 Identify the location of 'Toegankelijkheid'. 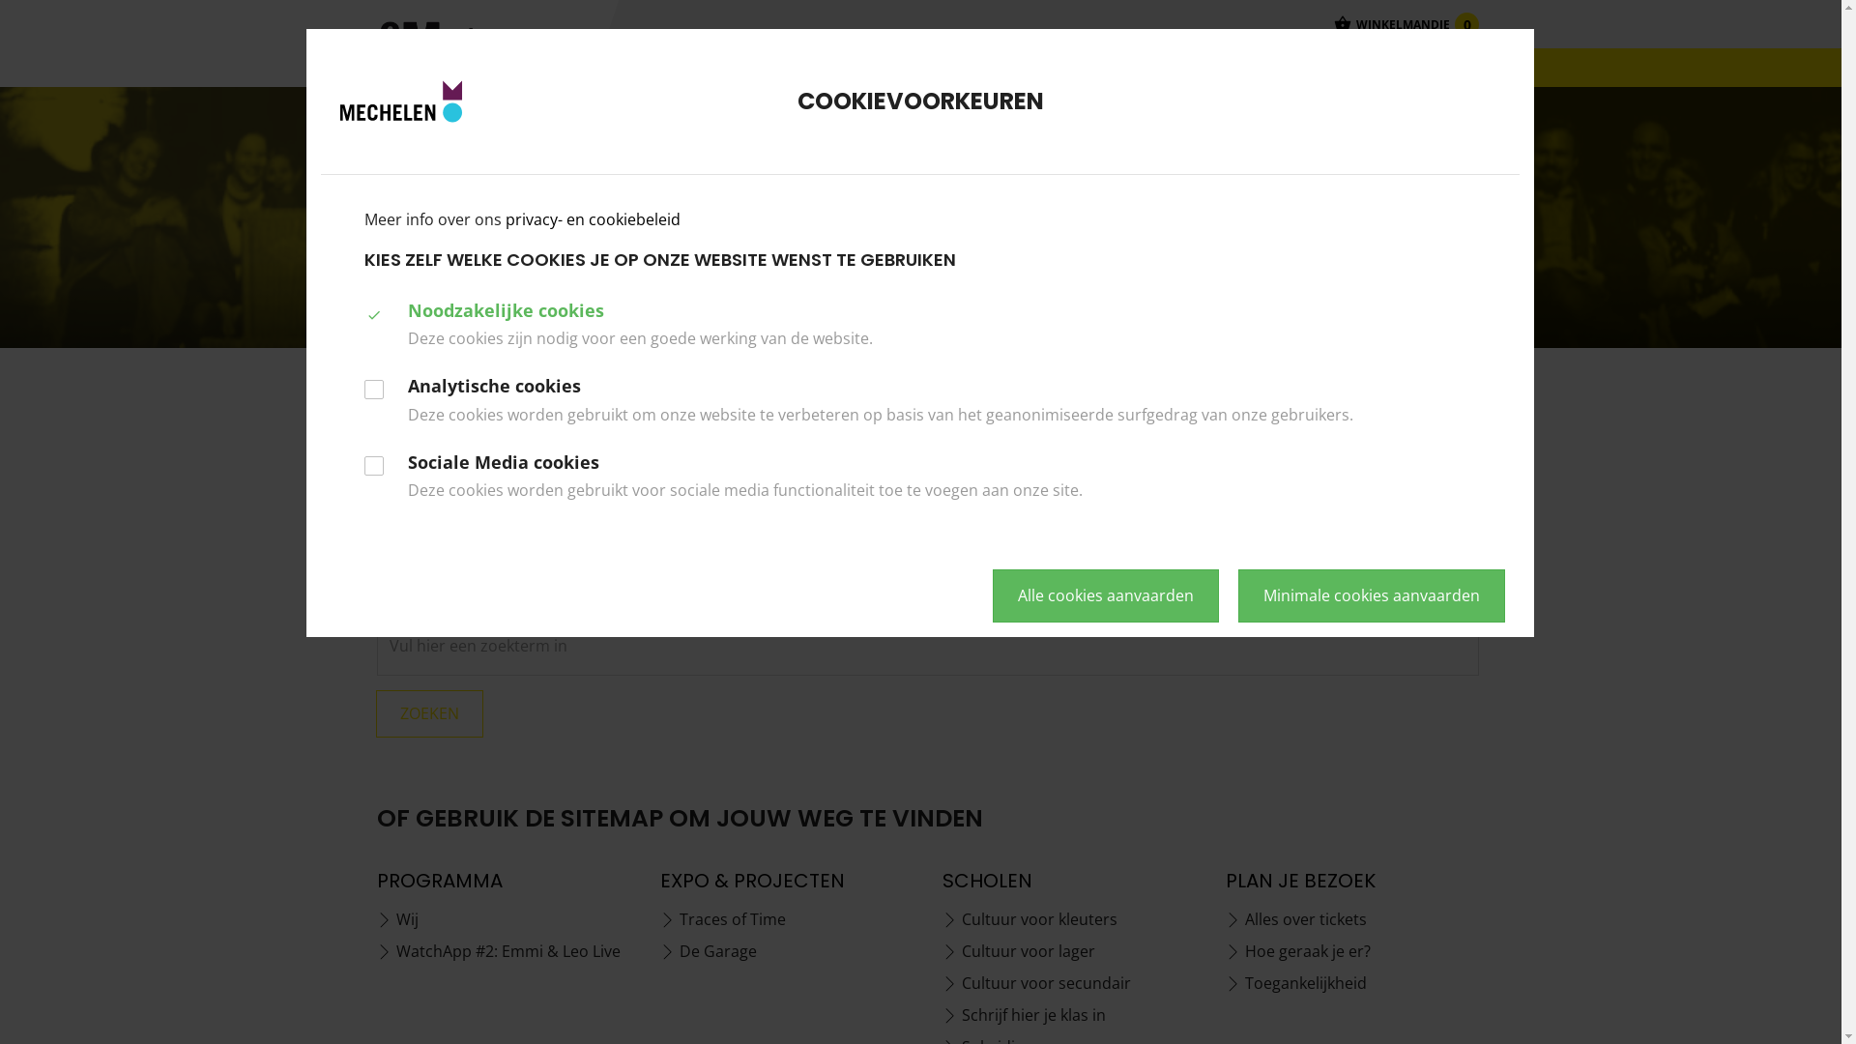
(1351, 983).